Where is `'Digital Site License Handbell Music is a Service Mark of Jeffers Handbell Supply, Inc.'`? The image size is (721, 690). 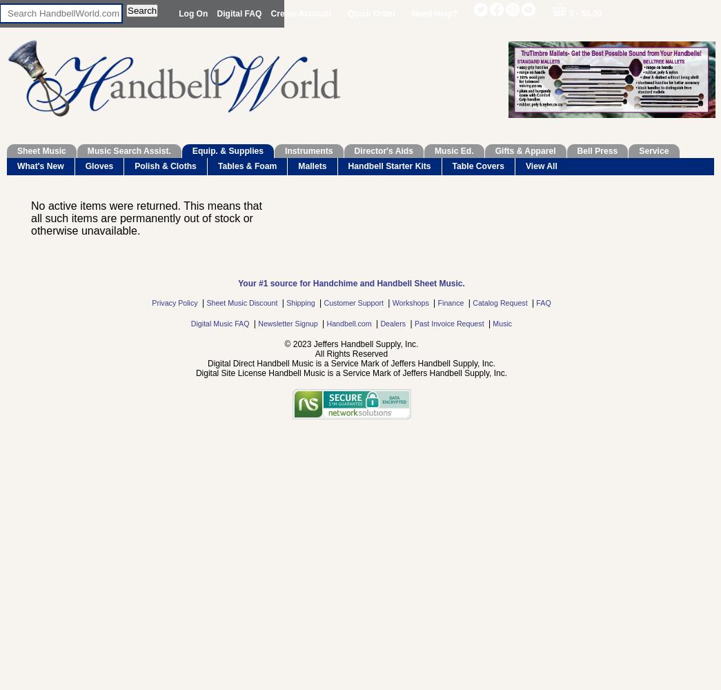 'Digital Site License Handbell Music is a Service Mark of Jeffers Handbell Supply, Inc.' is located at coordinates (350, 373).